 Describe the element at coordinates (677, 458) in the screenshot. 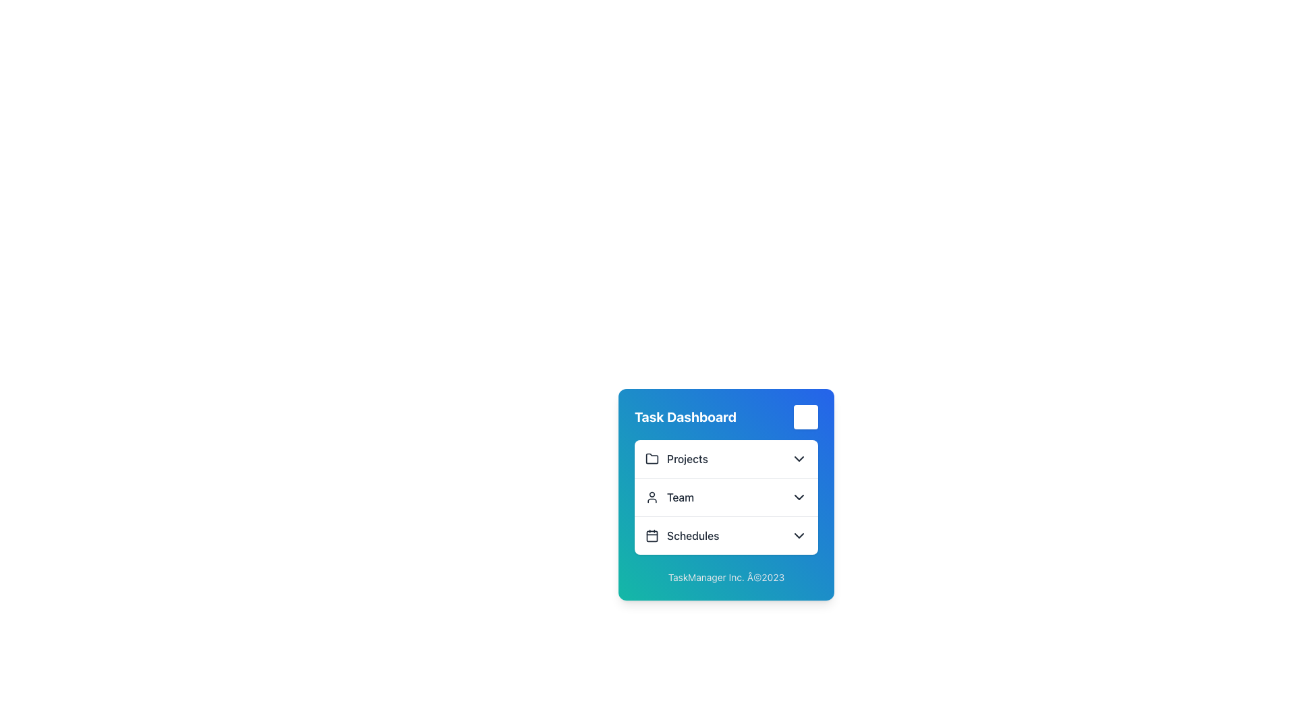

I see `the first list item with text and icon in the task management interface` at that location.